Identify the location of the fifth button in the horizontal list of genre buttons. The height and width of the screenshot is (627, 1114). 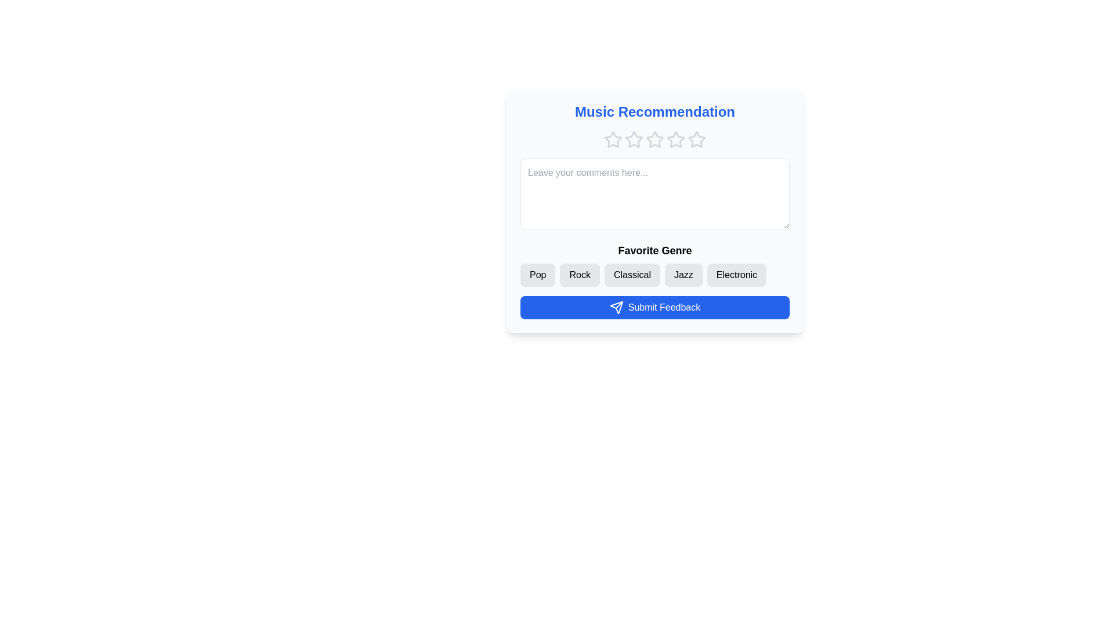
(736, 275).